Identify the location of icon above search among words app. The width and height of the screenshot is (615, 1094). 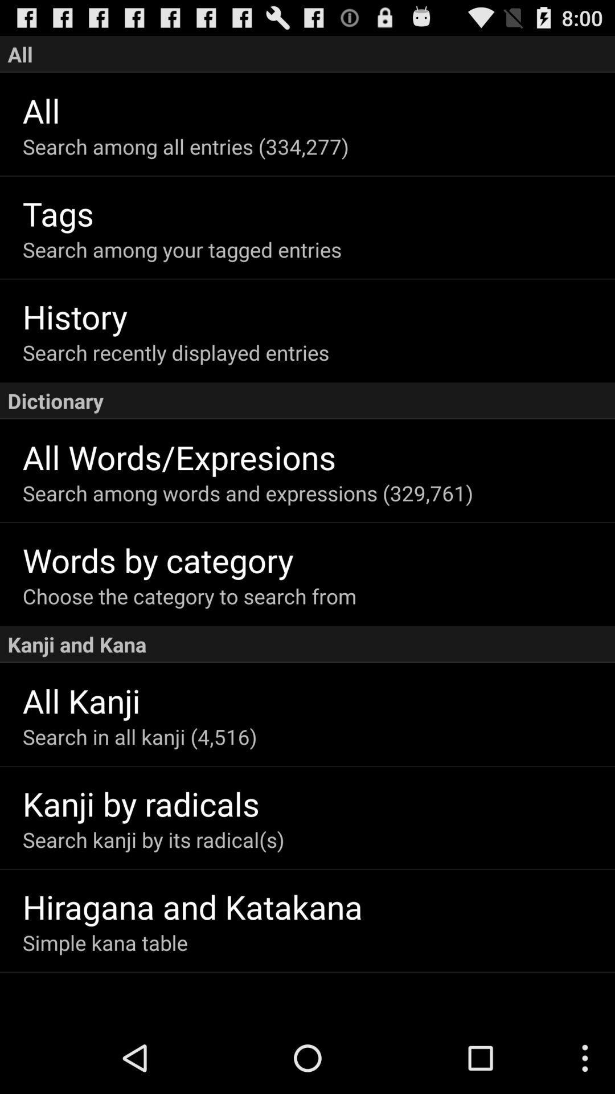
(318, 457).